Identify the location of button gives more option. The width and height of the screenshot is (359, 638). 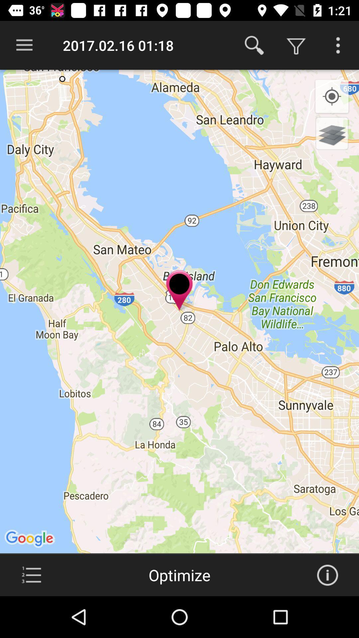
(338, 45).